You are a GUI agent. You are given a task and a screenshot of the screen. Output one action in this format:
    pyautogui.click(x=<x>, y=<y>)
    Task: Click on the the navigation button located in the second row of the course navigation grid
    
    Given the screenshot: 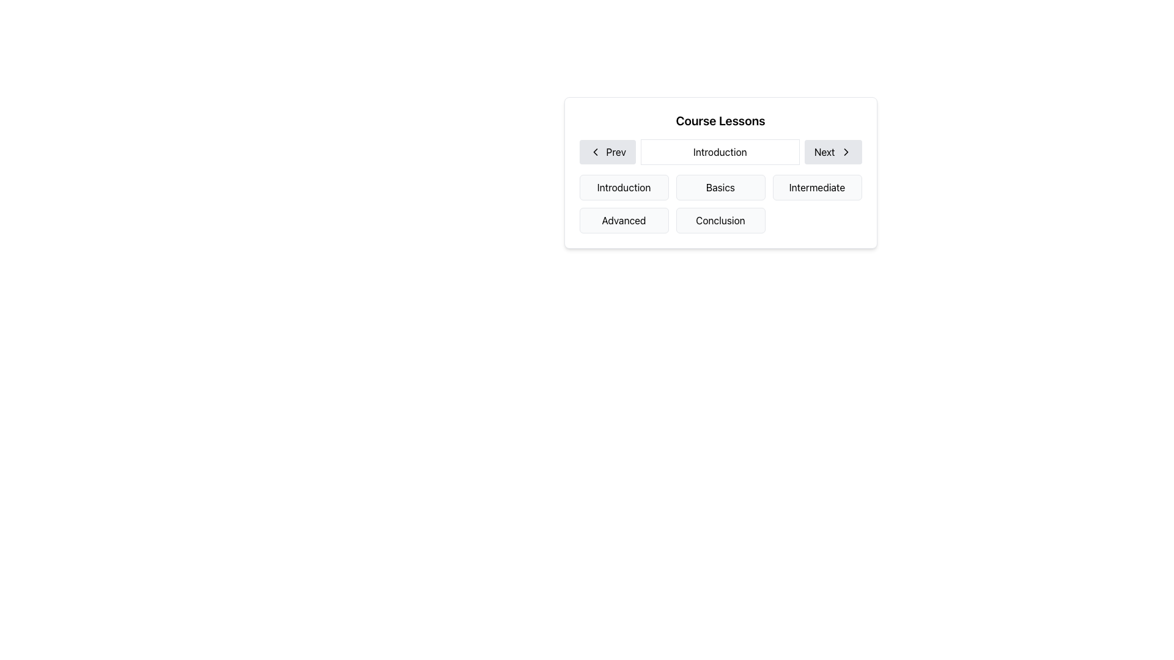 What is the action you would take?
    pyautogui.click(x=720, y=172)
    